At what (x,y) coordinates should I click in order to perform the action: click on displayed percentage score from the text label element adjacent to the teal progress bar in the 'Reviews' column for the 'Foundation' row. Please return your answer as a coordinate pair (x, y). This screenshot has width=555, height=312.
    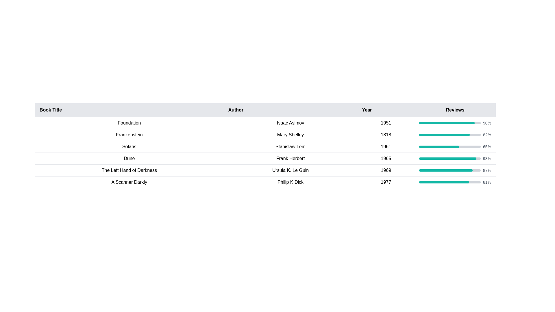
    Looking at the image, I should click on (486, 122).